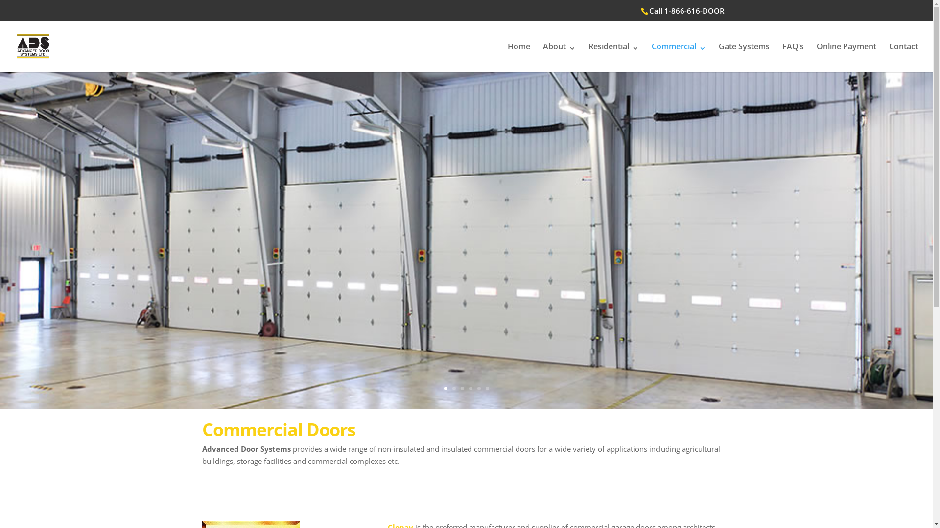  What do you see at coordinates (453, 388) in the screenshot?
I see `'2'` at bounding box center [453, 388].